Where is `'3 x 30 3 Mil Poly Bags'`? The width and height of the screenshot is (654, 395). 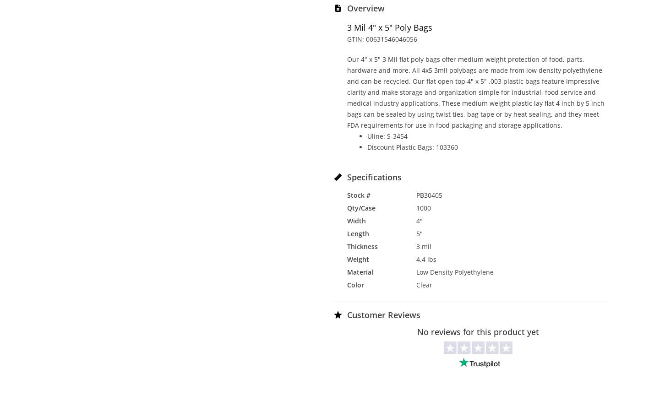 '3 x 30 3 Mil Poly Bags' is located at coordinates (95, 140).